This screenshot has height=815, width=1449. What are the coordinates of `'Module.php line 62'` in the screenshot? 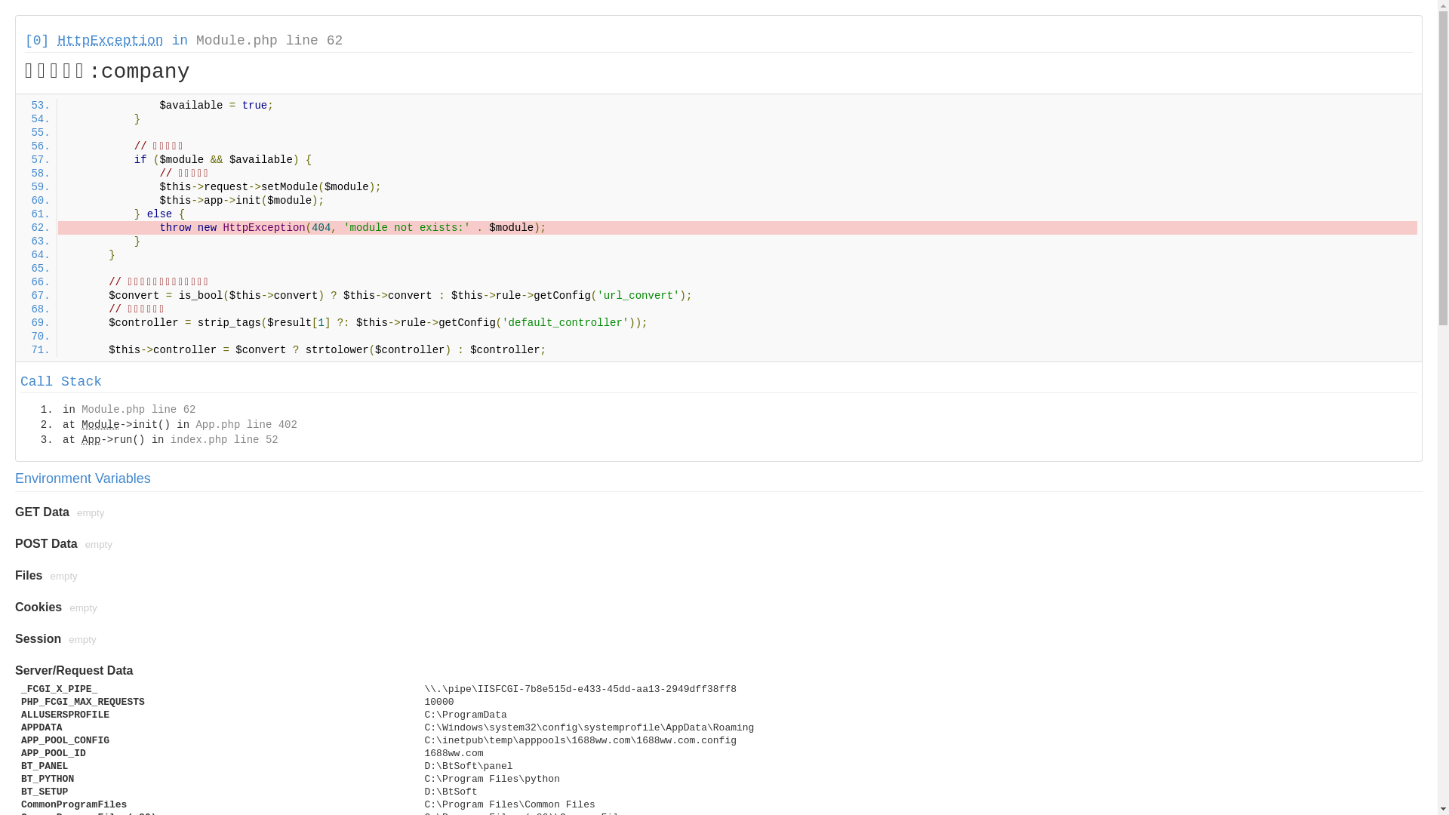 It's located at (138, 410).